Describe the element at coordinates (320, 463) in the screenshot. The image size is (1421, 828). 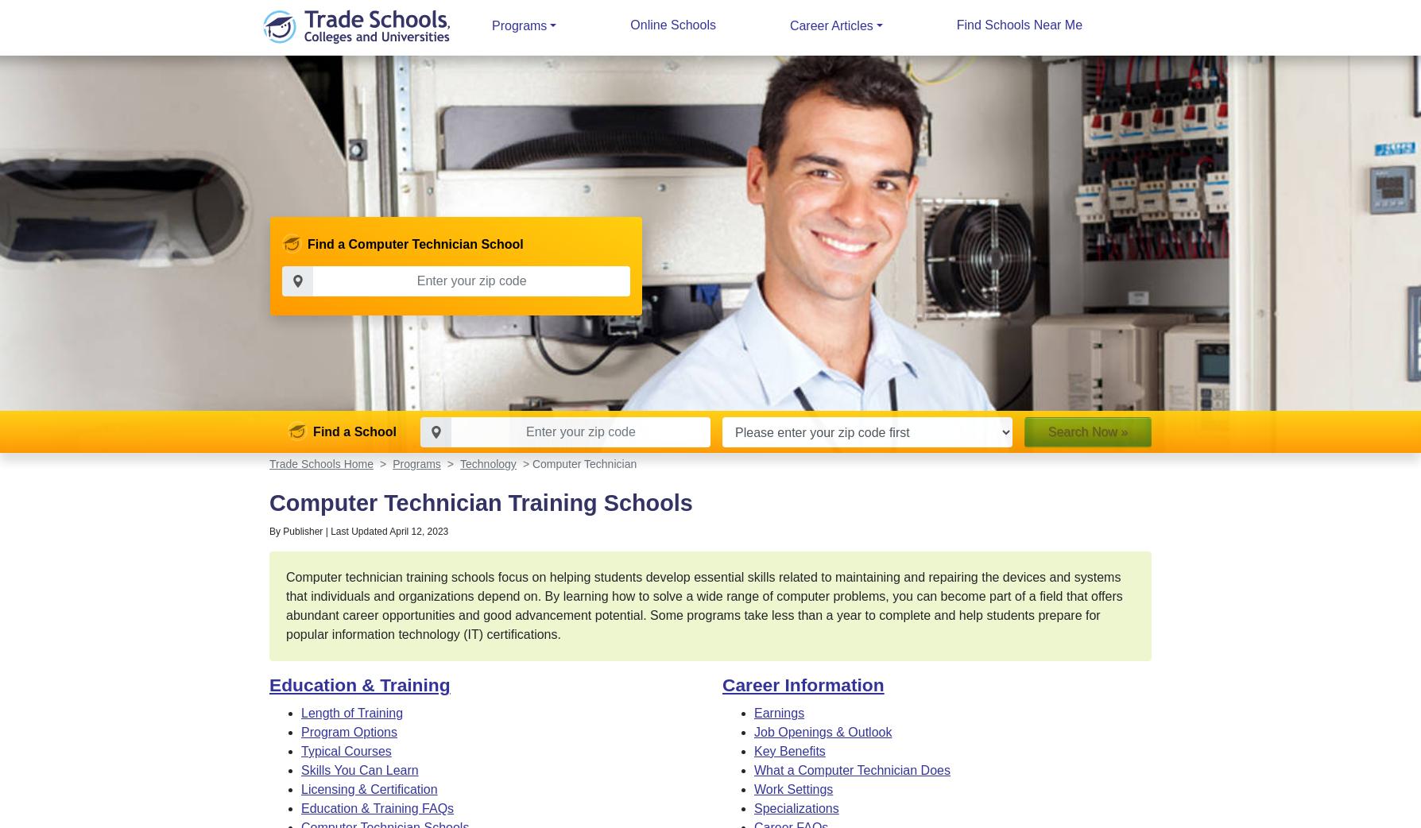
I see `'Trade Schools Home'` at that location.